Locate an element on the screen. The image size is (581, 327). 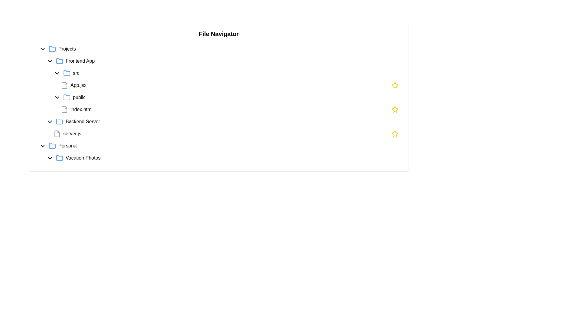
the 'Personal' folder in the Navigational List Item is located at coordinates (218, 146).